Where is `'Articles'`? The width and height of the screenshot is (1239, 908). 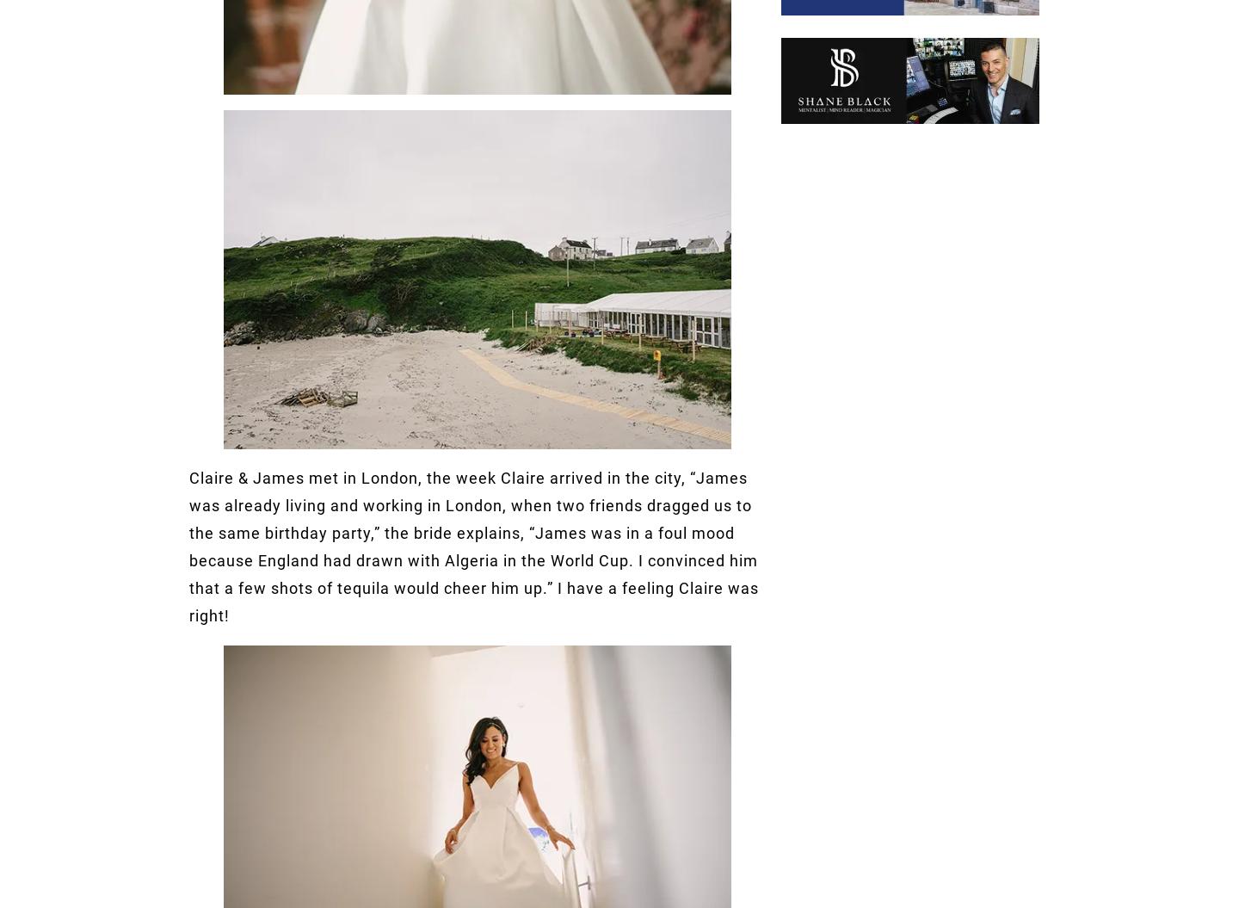 'Articles' is located at coordinates (531, 386).